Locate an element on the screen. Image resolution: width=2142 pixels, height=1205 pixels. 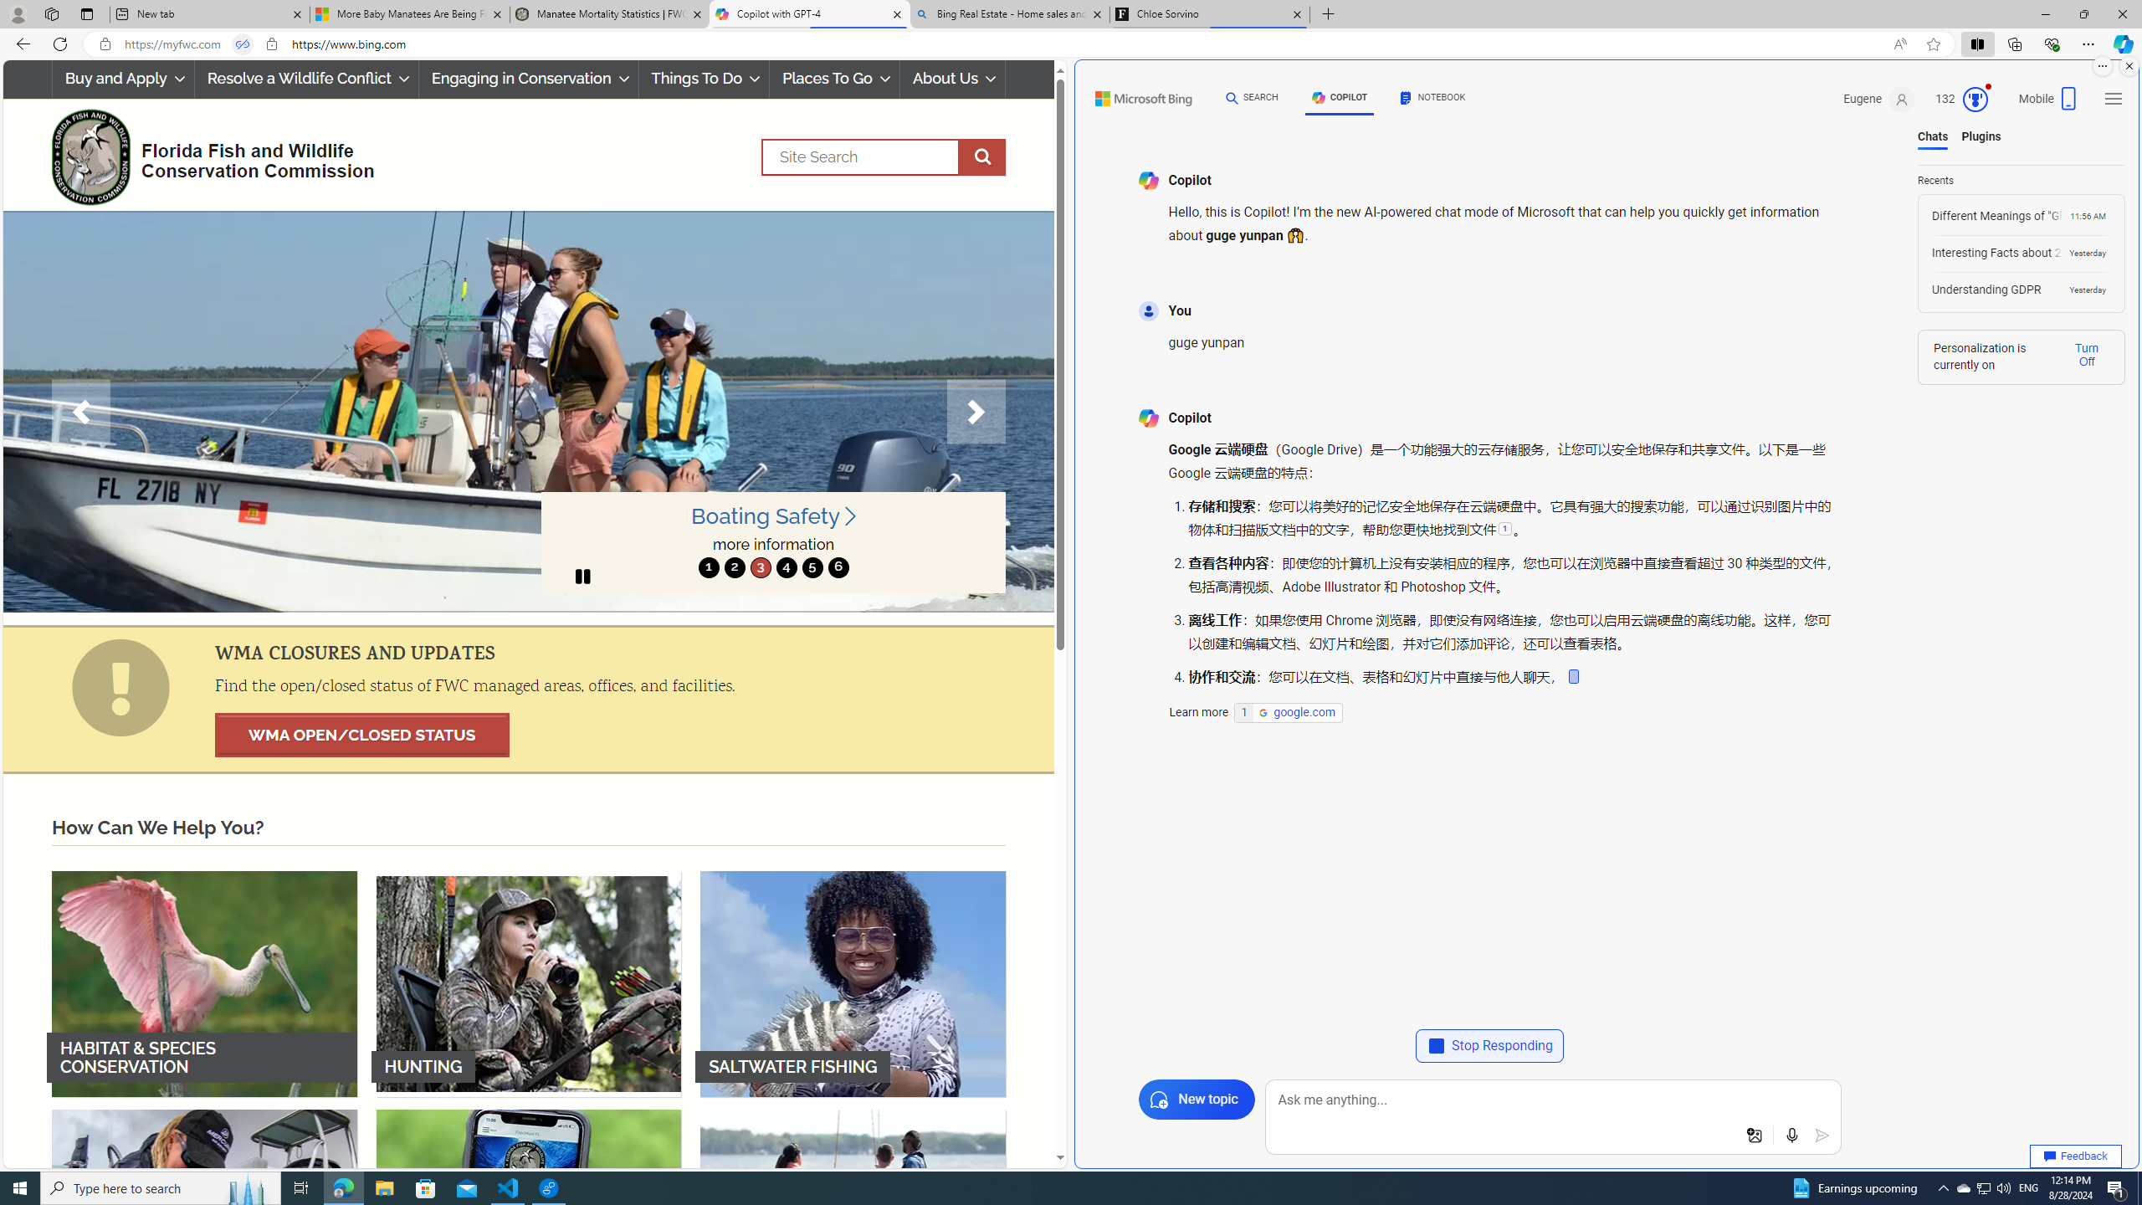
'Microsoft Rewards 123' is located at coordinates (1962, 99).